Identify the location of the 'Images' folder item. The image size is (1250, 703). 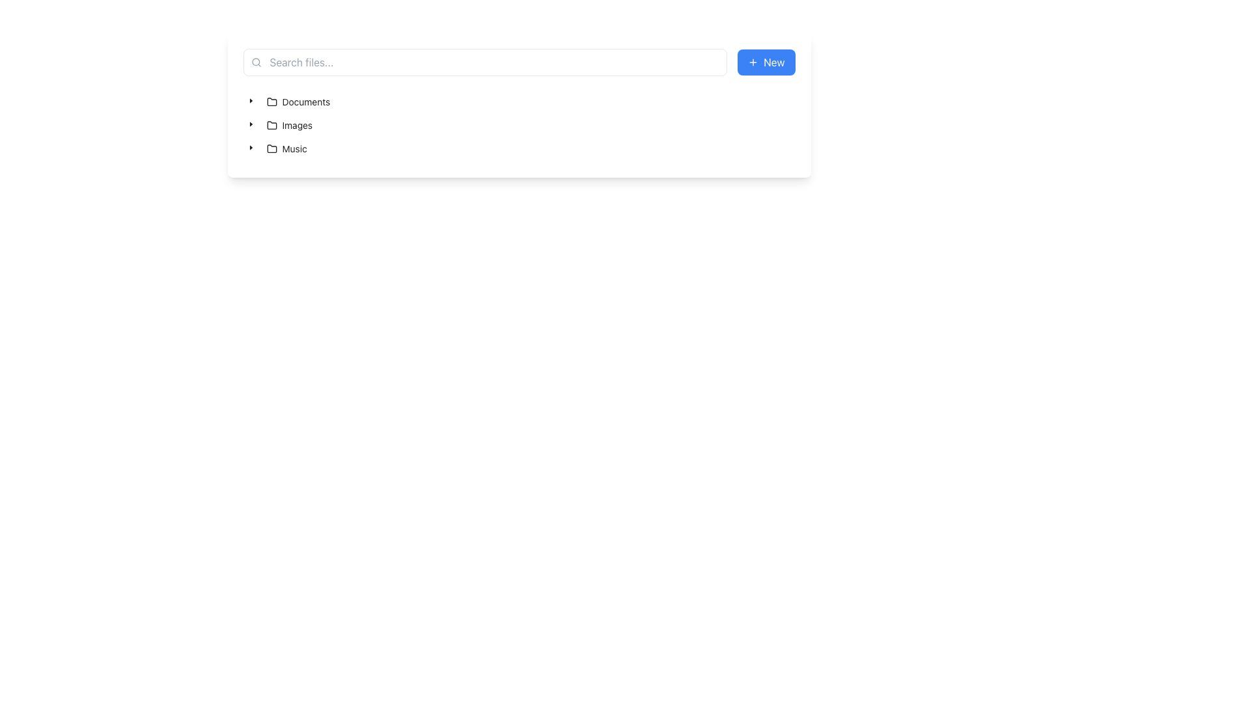
(288, 125).